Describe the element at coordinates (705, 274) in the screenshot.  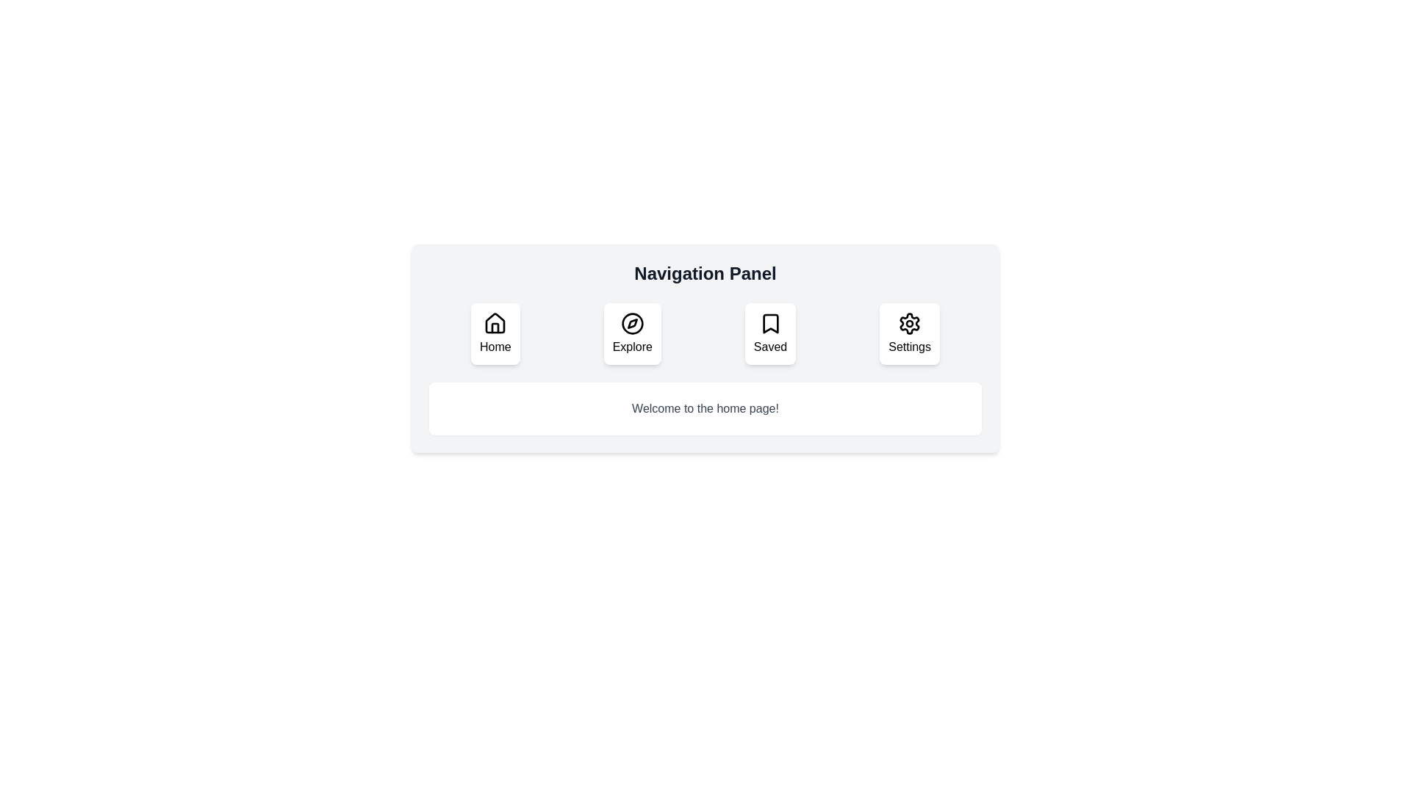
I see `the Static text header displaying 'Navigation Panel', which is styled in bold and centered within its light gray background, positioned above navigation buttons` at that location.